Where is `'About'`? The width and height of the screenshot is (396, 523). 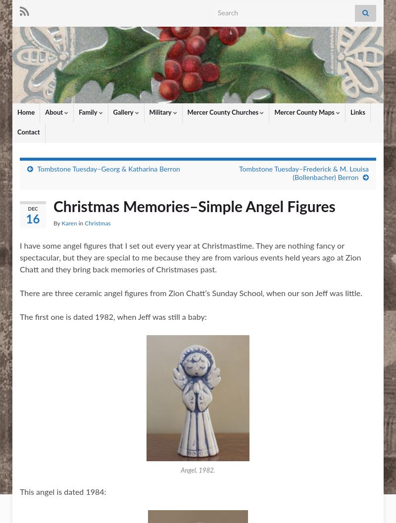 'About' is located at coordinates (54, 112).